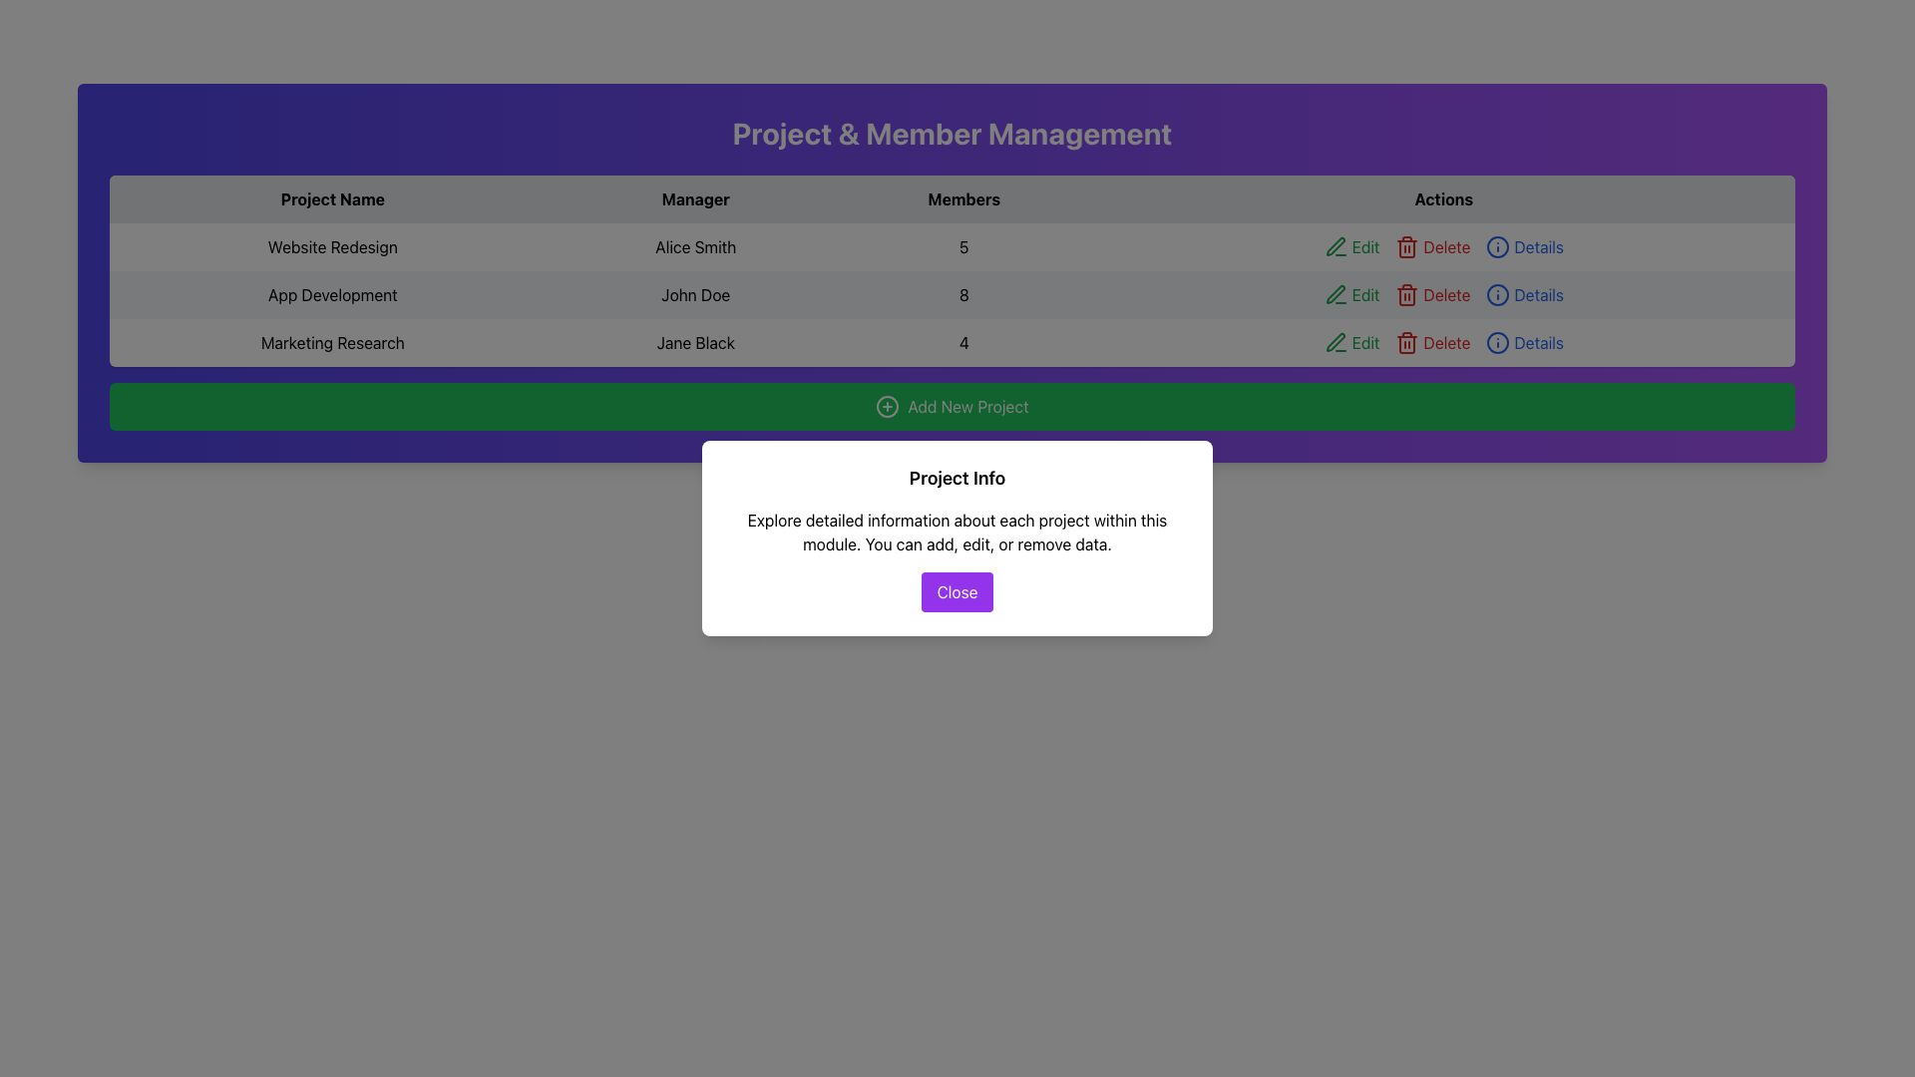  Describe the element at coordinates (1498, 245) in the screenshot. I see `the SVG-based information icon with a circle outline and 'i' symbol, located next to the 'Details' label in the third row of the 'Actions' column` at that location.